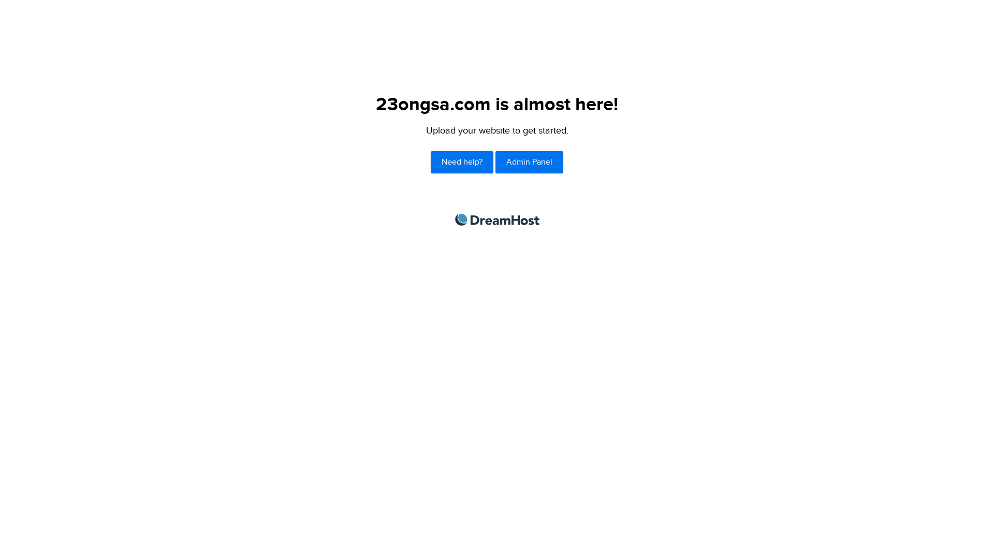 The image size is (994, 559). Describe the element at coordinates (430, 162) in the screenshot. I see `'Need help?'` at that location.